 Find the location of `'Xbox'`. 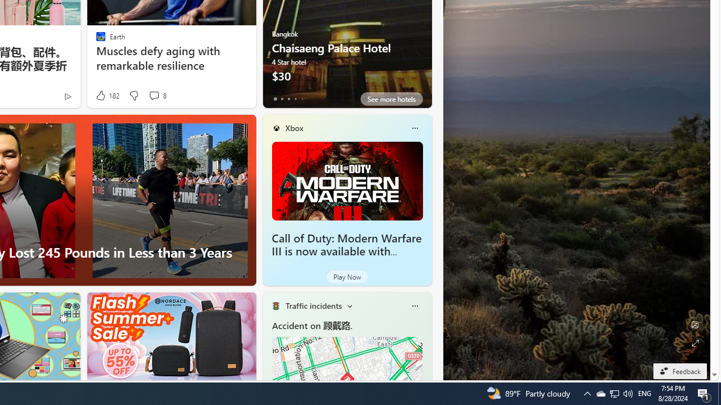

'Xbox' is located at coordinates (294, 127).